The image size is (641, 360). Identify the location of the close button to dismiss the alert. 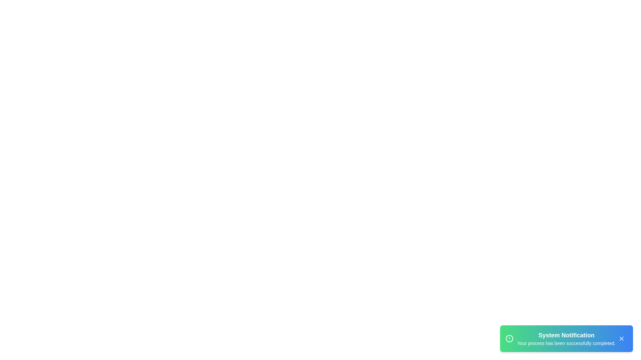
(621, 338).